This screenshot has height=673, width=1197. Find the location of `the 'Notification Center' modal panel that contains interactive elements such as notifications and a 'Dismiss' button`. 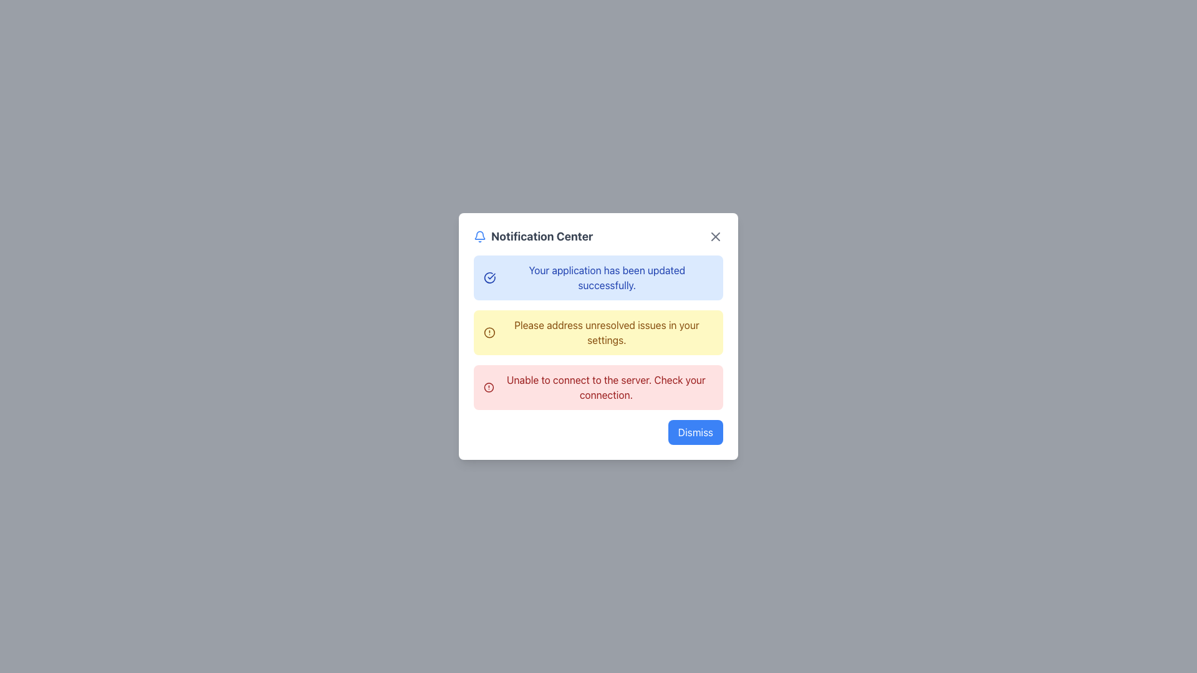

the 'Notification Center' modal panel that contains interactive elements such as notifications and a 'Dismiss' button is located at coordinates (598, 336).